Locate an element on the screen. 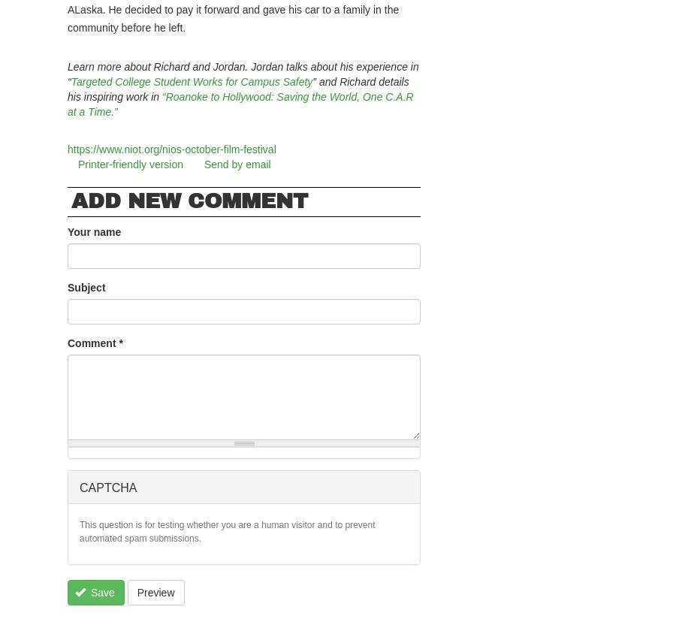 This screenshot has width=676, height=643. 'Subject' is located at coordinates (86, 287).